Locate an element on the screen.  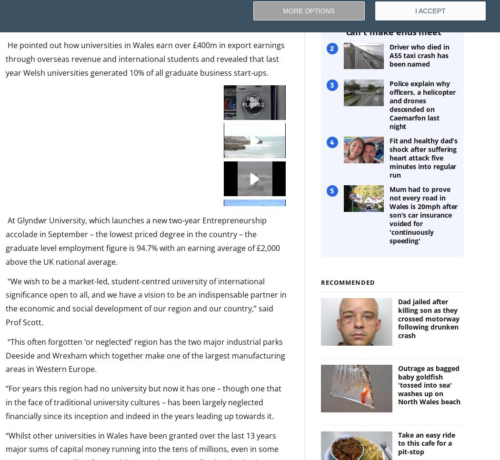
'Anglesey campsite family fleeing to England as they 'can't make ends meet'' is located at coordinates (399, 20).